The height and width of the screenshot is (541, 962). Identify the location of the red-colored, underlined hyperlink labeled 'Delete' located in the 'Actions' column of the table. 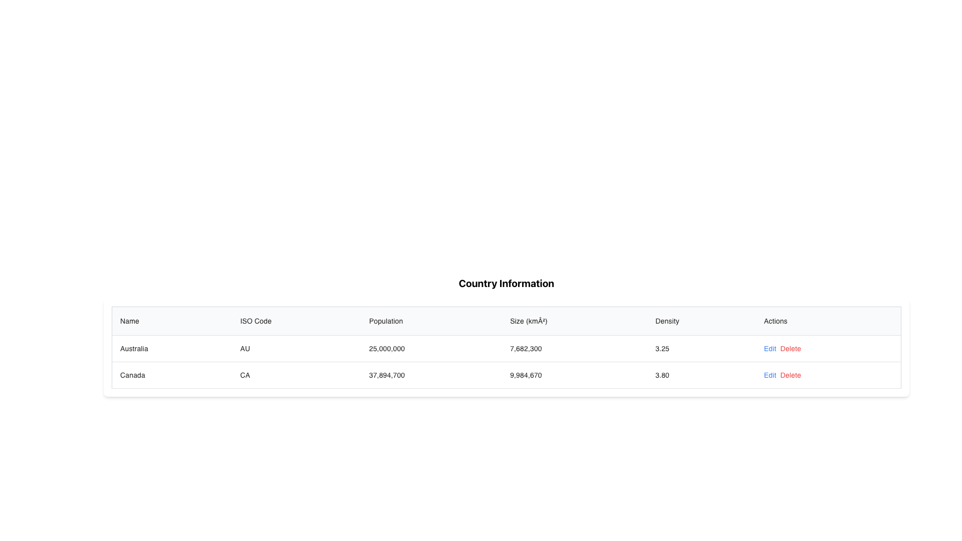
(790, 348).